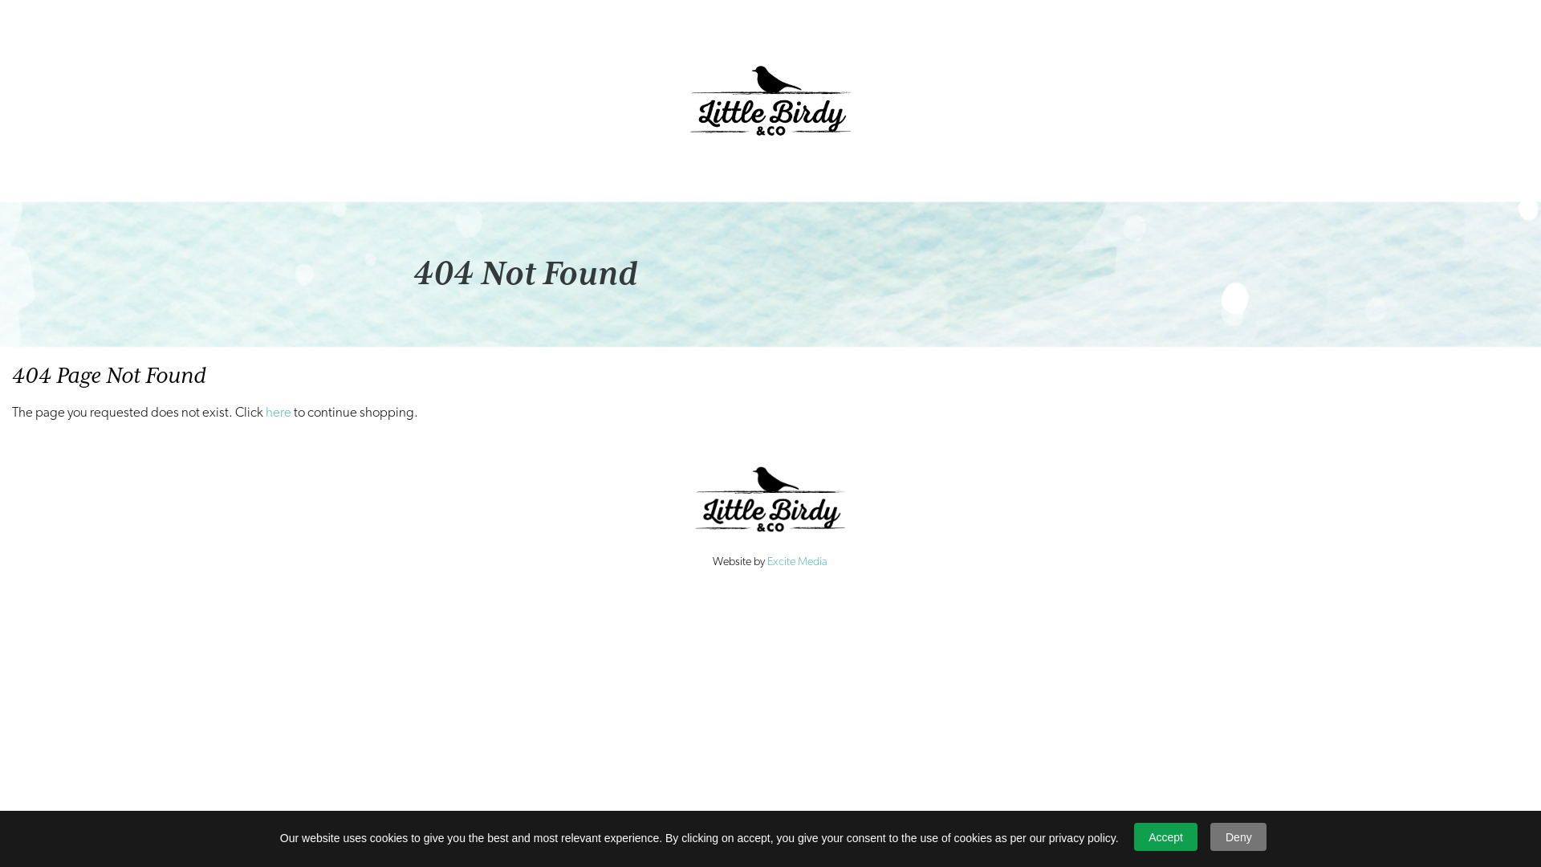  Describe the element at coordinates (278, 412) in the screenshot. I see `'here'` at that location.